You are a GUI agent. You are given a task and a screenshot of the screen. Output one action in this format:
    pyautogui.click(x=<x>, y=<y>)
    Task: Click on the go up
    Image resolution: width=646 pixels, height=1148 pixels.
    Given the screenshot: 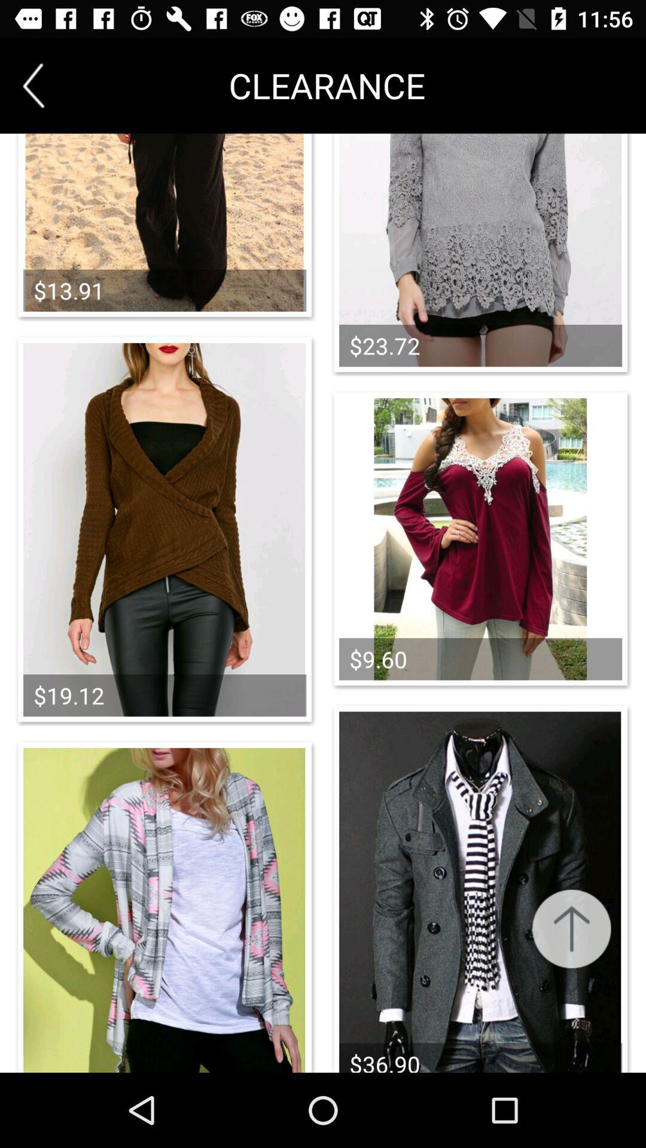 What is the action you would take?
    pyautogui.click(x=571, y=928)
    